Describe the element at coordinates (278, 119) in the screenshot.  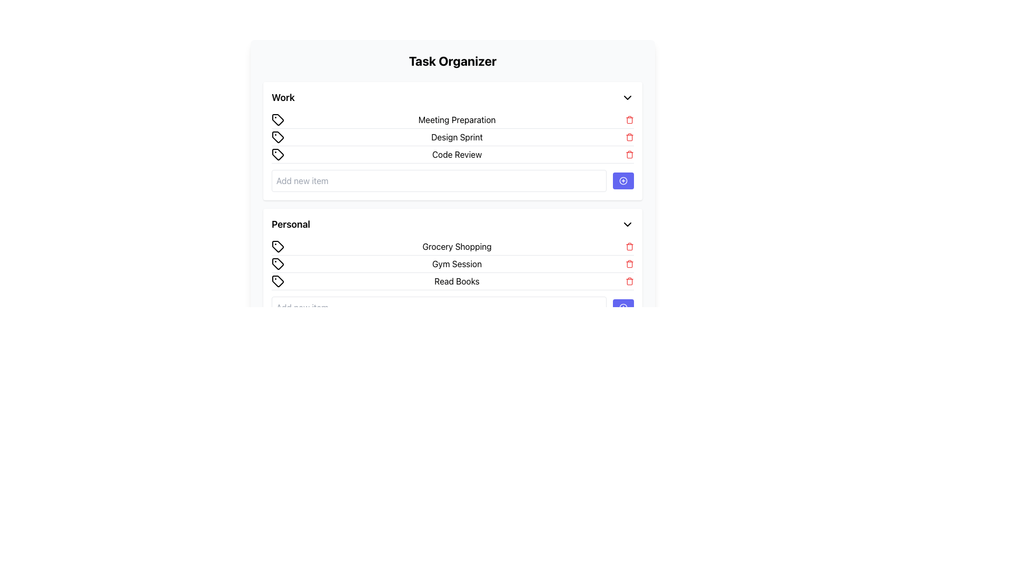
I see `the first tag icon in the 'Work' section of the 'Task Organizer' interface, which has a rounded tag shape with a small circle at the attachment point, located near 'Meeting Preparation'` at that location.